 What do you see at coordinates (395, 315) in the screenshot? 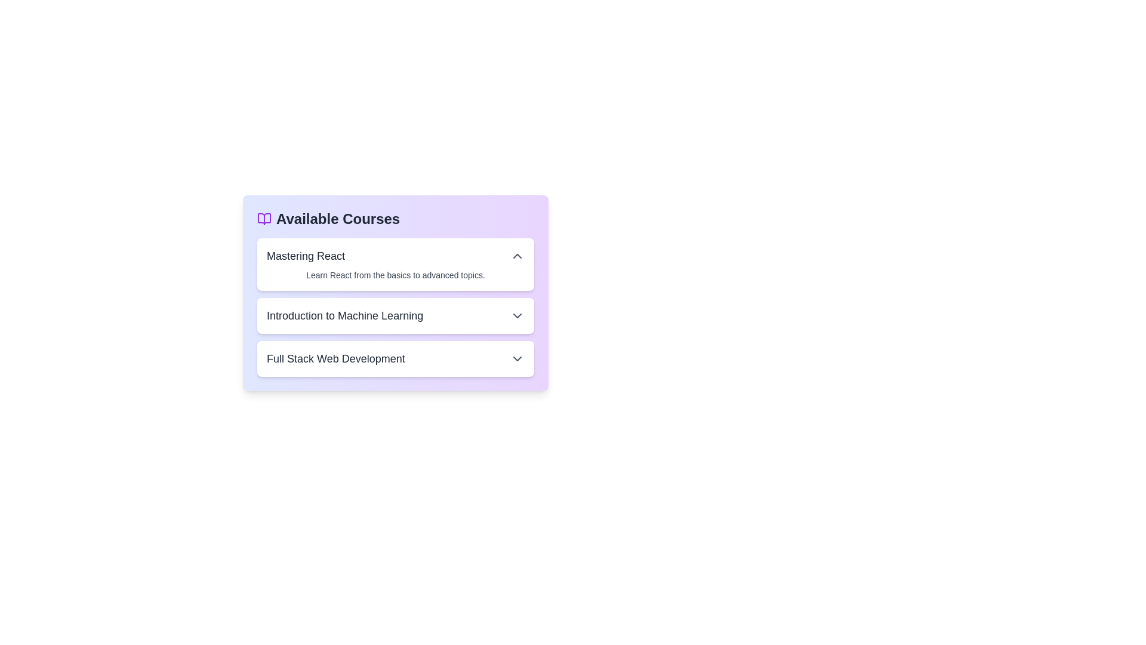
I see `the course item titled Introduction to Machine Learning` at bounding box center [395, 315].